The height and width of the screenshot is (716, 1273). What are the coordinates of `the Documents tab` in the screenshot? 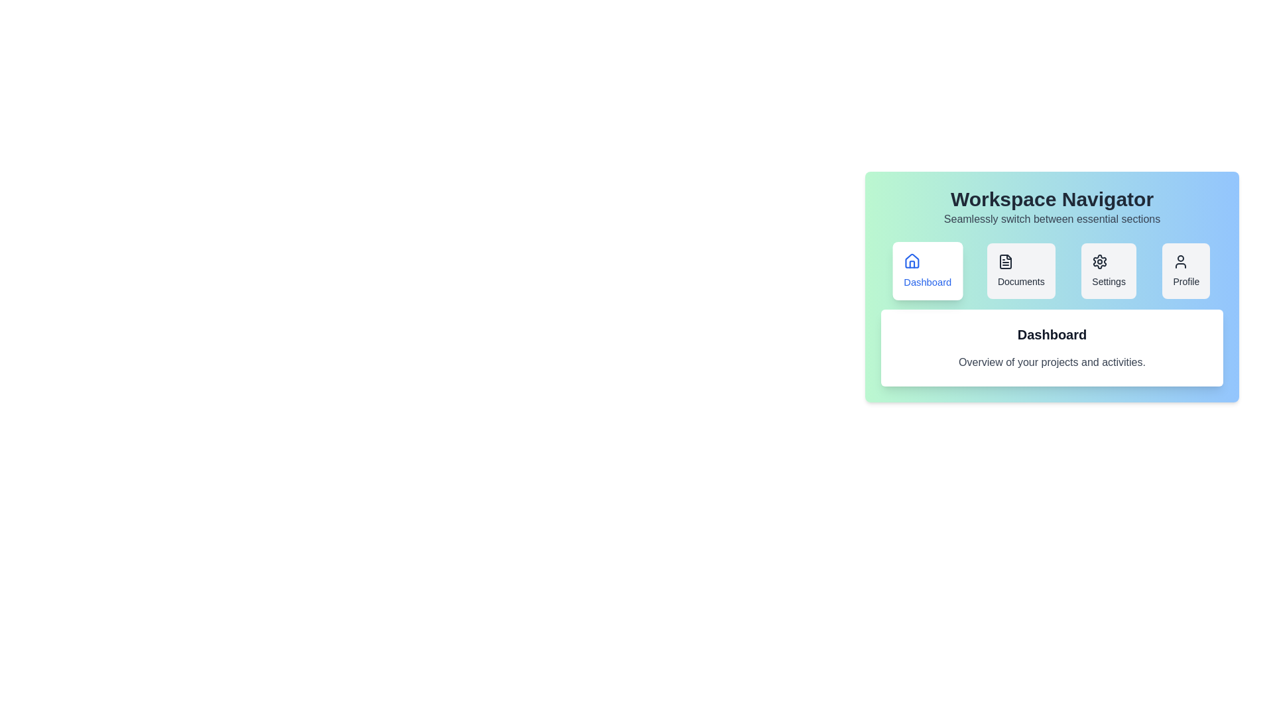 It's located at (1020, 270).